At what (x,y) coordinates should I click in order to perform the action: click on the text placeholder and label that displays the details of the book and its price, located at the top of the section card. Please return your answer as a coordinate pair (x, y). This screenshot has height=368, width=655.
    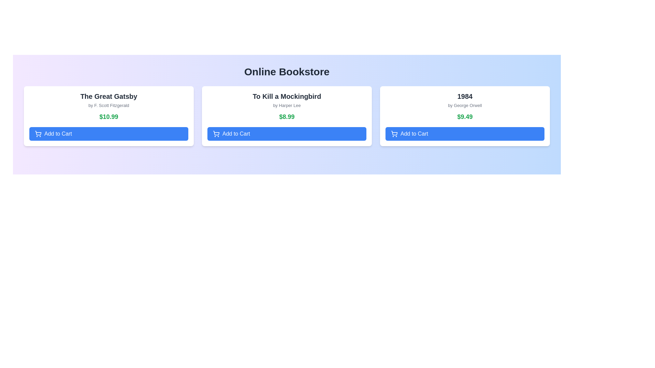
    Looking at the image, I should click on (108, 106).